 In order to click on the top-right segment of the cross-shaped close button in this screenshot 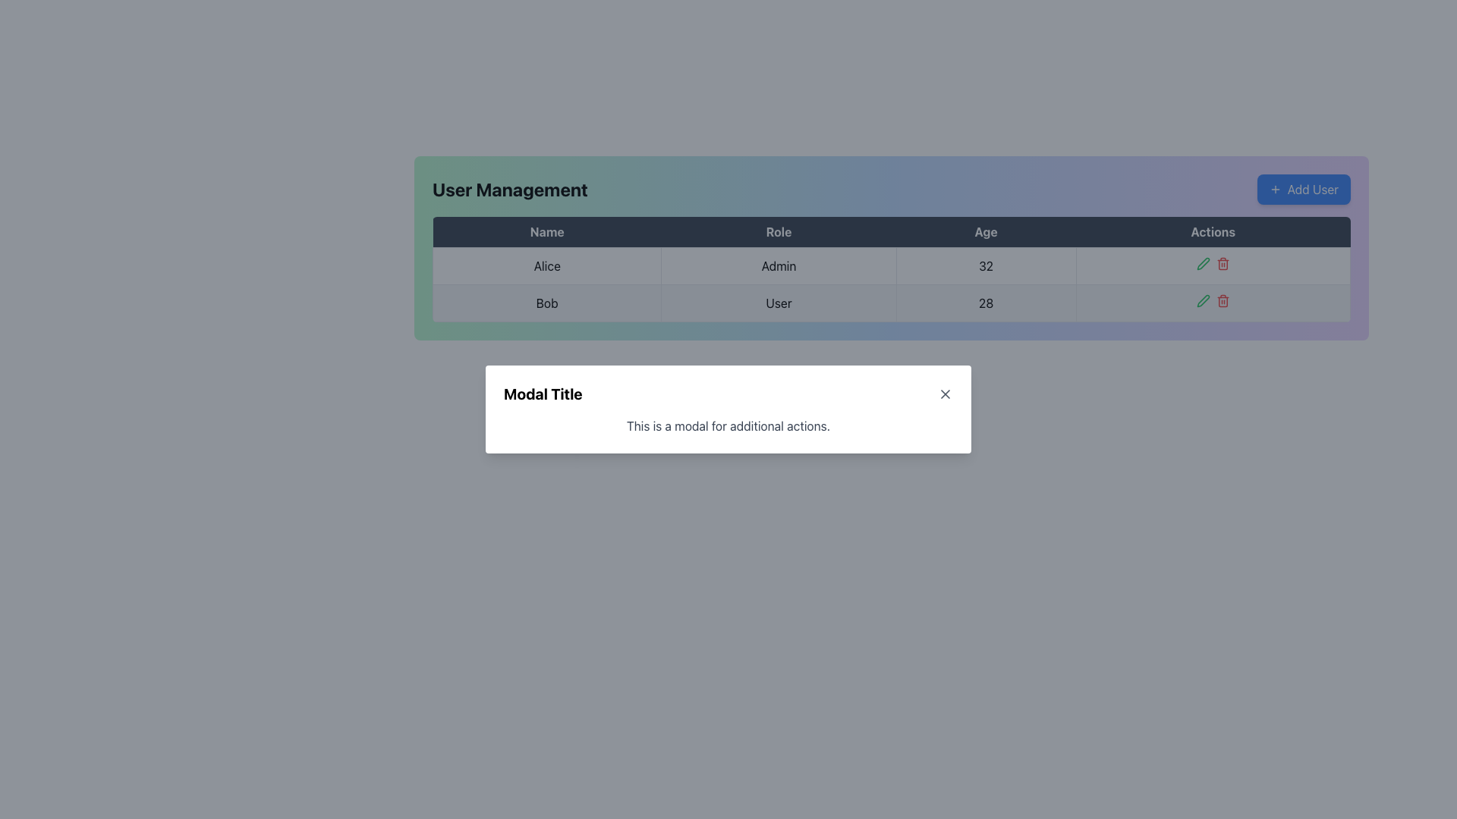, I will do `click(944, 394)`.